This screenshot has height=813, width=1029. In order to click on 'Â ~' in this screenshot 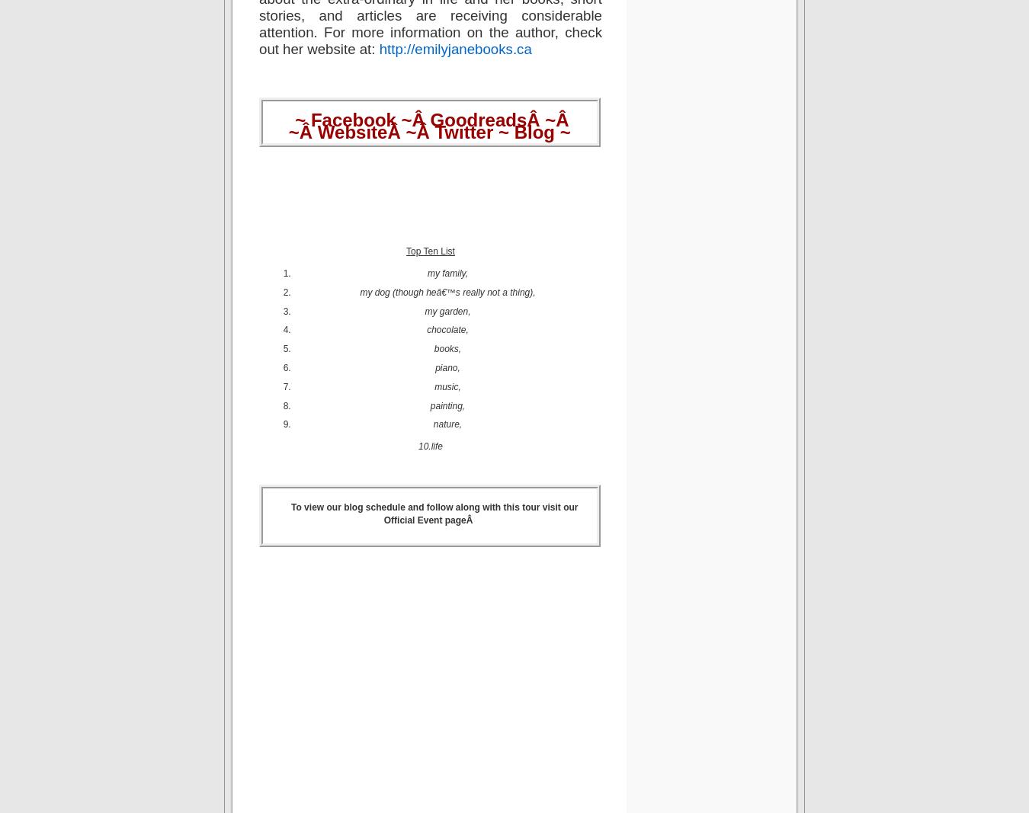, I will do `click(540, 118)`.